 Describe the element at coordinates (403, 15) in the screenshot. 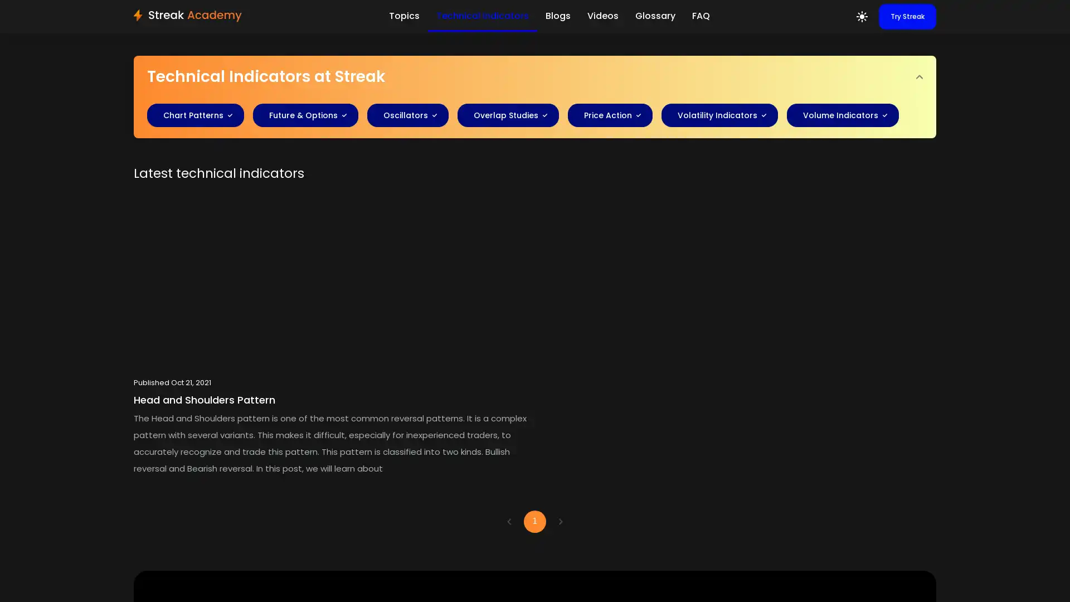

I see `Topics` at that location.